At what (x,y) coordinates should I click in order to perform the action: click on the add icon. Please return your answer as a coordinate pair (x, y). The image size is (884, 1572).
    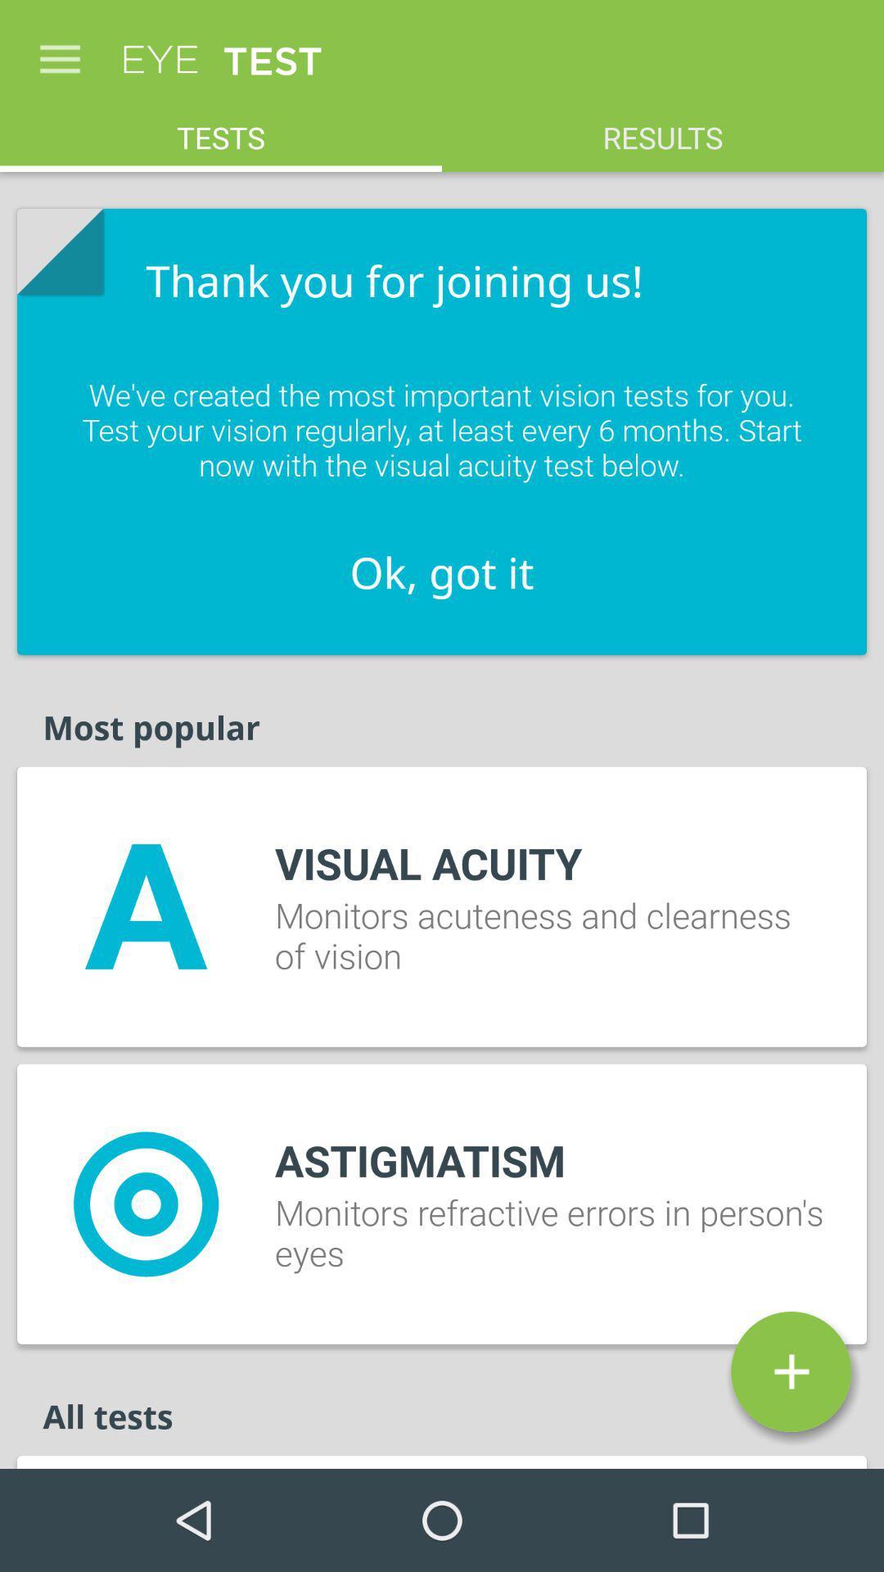
    Looking at the image, I should click on (790, 1371).